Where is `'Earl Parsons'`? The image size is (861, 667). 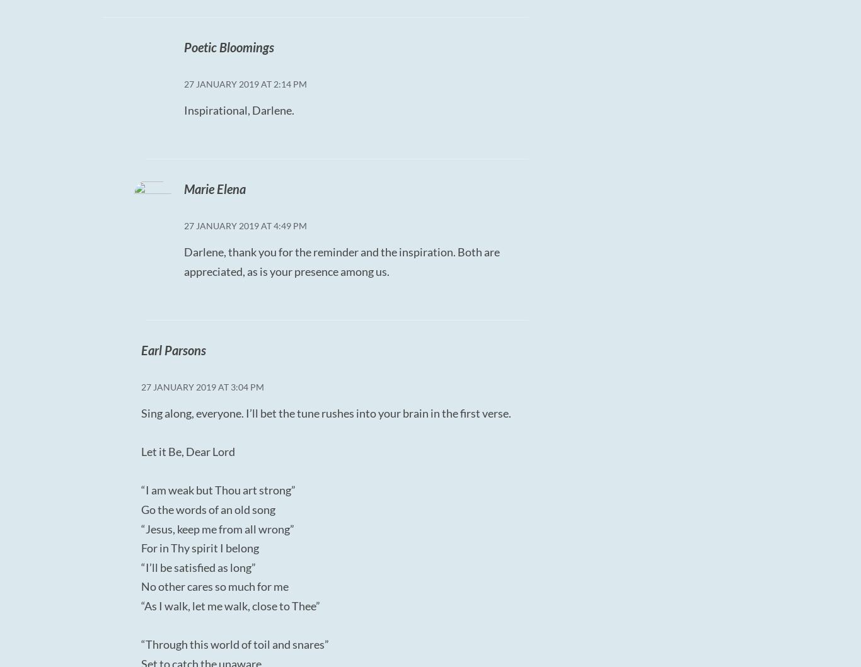
'Earl Parsons' is located at coordinates (141, 349).